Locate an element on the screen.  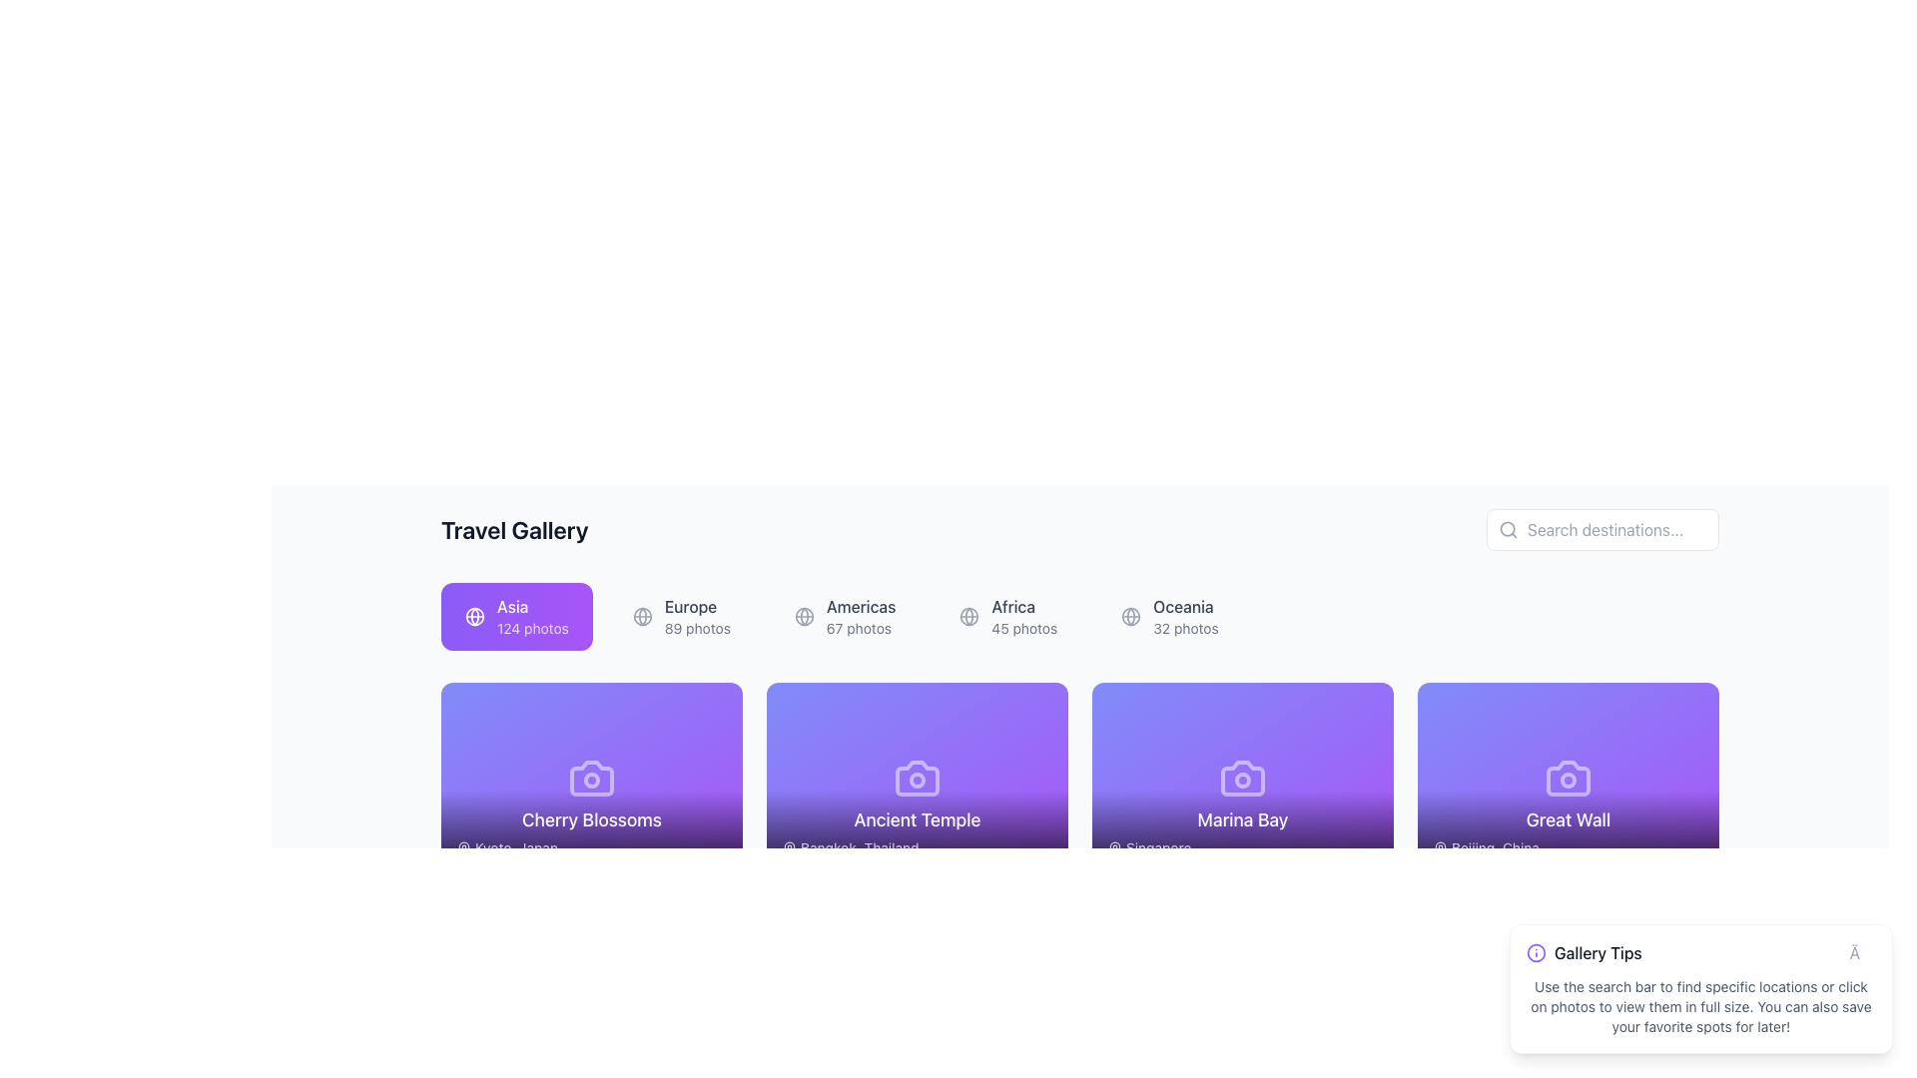
the 'Oceania' text label is located at coordinates (1185, 606).